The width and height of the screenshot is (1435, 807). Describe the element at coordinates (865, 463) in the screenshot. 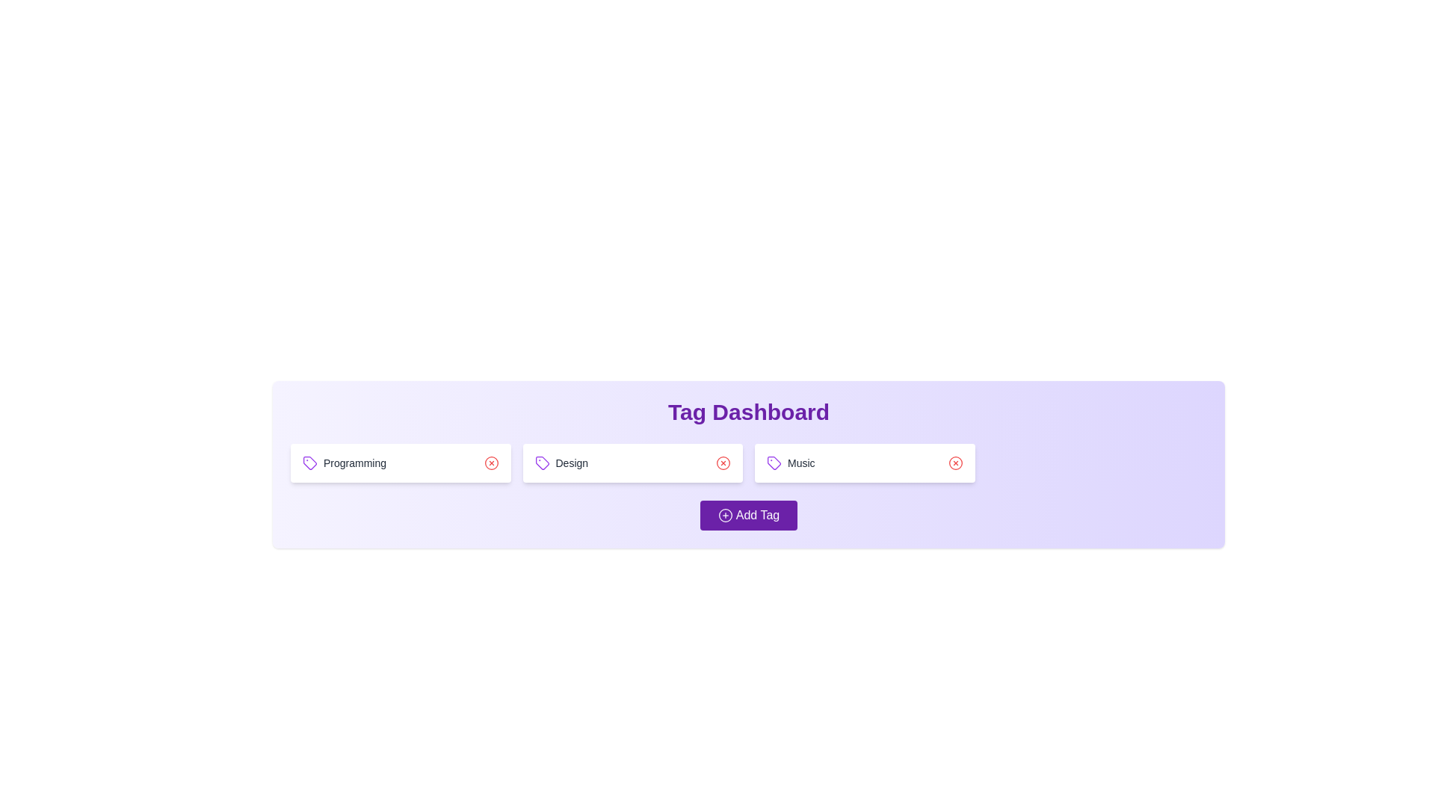

I see `the 'Music' card element, which is the third card in a grid layout, featuring a purple tag icon on the left and a red circular remove icon on the right` at that location.